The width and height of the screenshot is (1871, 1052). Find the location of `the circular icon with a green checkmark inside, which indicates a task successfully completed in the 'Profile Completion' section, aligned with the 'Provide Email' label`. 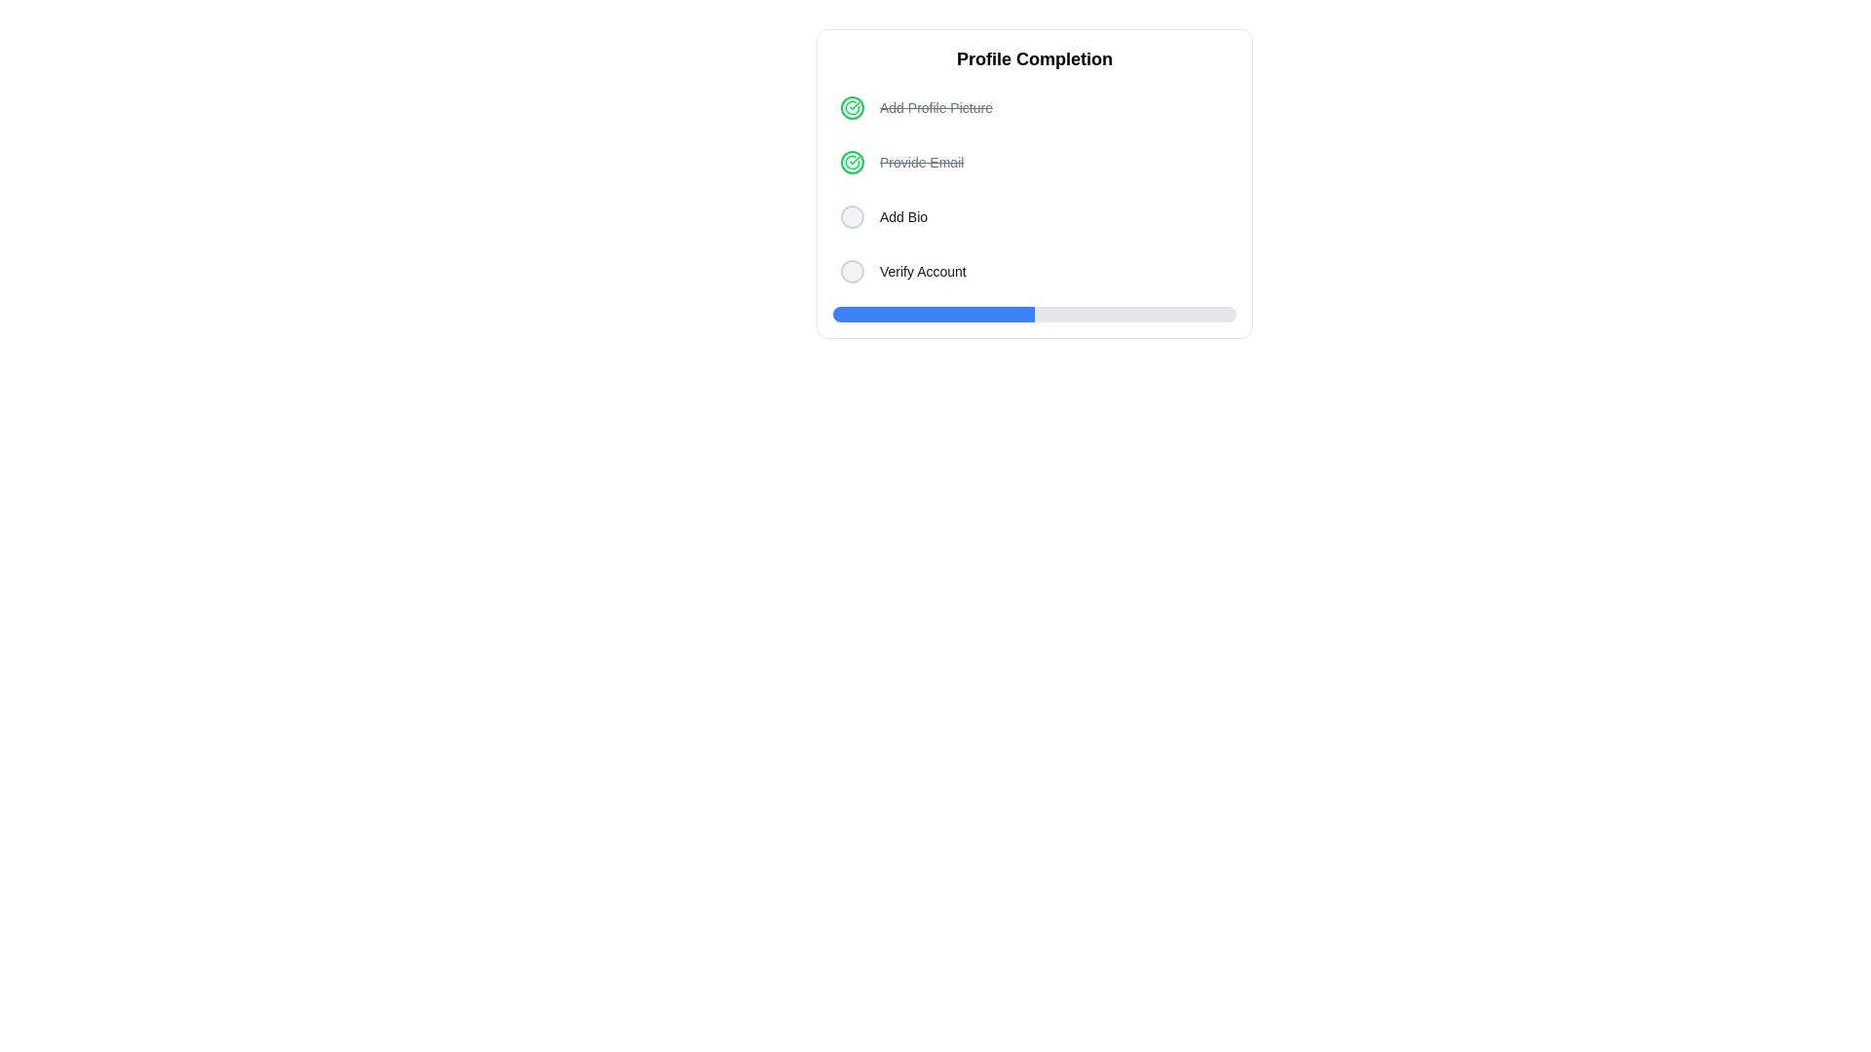

the circular icon with a green checkmark inside, which indicates a task successfully completed in the 'Profile Completion' section, aligned with the 'Provide Email' label is located at coordinates (852, 108).